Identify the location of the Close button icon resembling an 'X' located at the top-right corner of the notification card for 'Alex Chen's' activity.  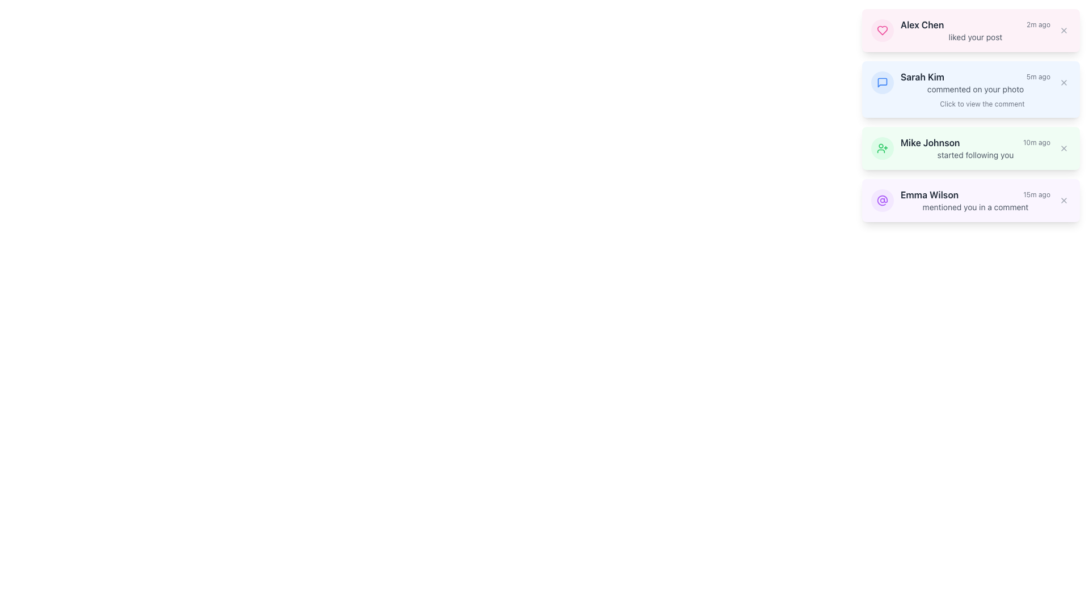
(1063, 30).